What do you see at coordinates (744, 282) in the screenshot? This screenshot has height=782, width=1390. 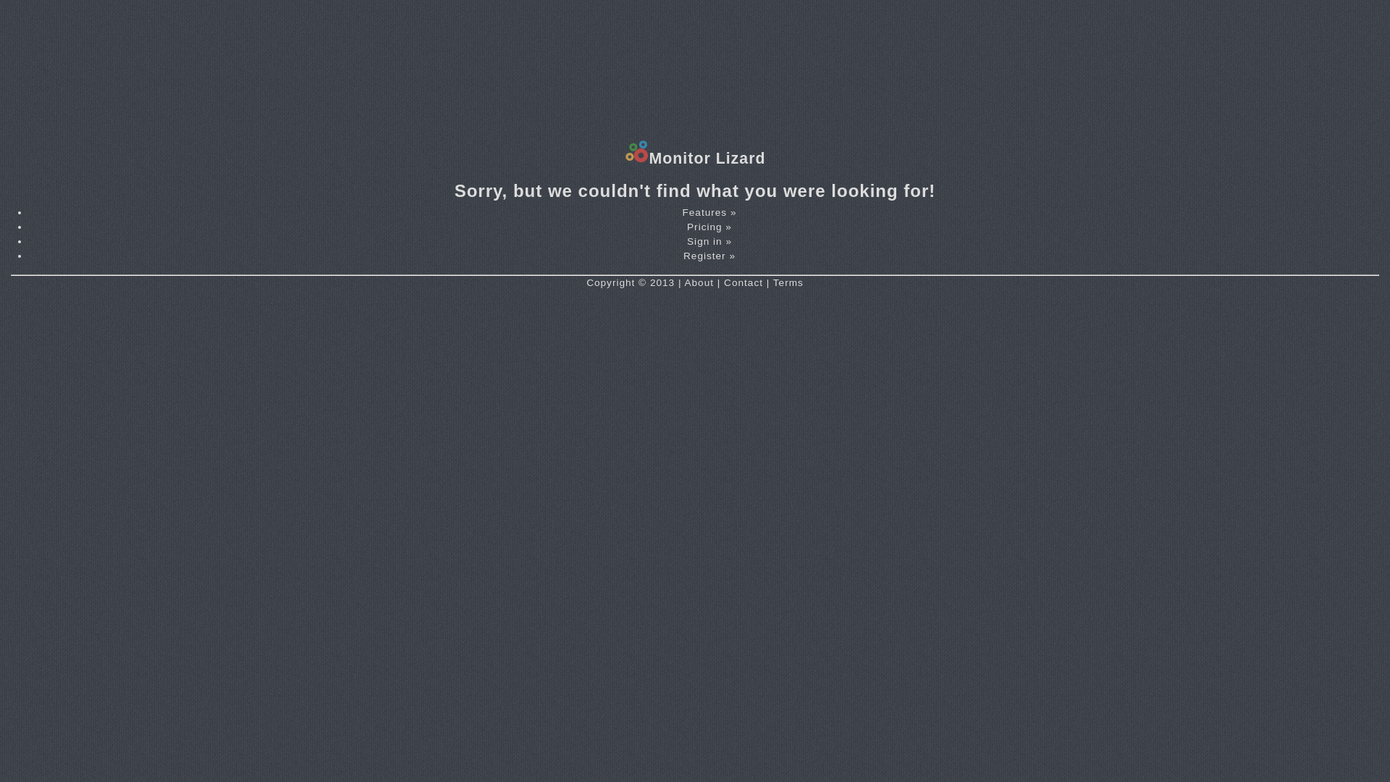 I see `'Contact'` at bounding box center [744, 282].